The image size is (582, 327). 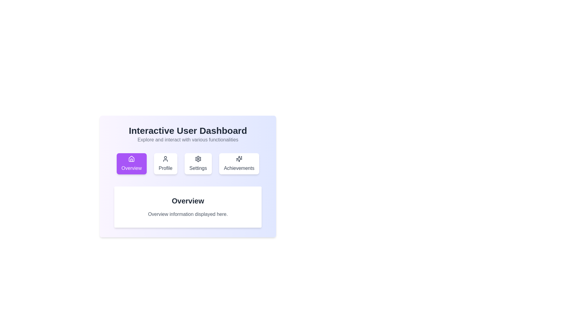 What do you see at coordinates (198, 163) in the screenshot?
I see `the 'Settings' button, which is the third button in a row beneath the 'Interactive User Dashboard'` at bounding box center [198, 163].